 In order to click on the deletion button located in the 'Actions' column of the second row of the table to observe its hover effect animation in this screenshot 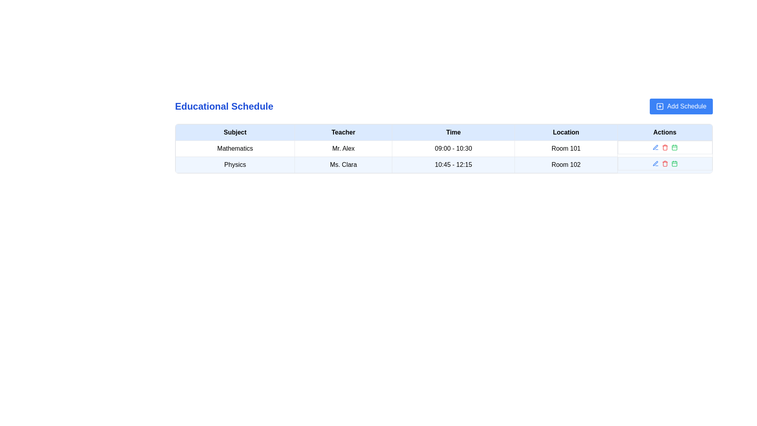, I will do `click(664, 163)`.